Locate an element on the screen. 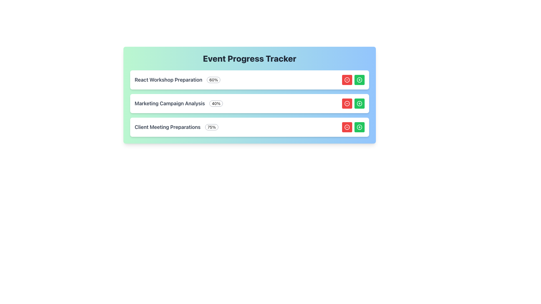 The width and height of the screenshot is (541, 304). the red rectangular button with a white circular minus icon, located to the left of the green button in the 'React Workshop Preparation' row for keyboard navigation is located at coordinates (347, 80).